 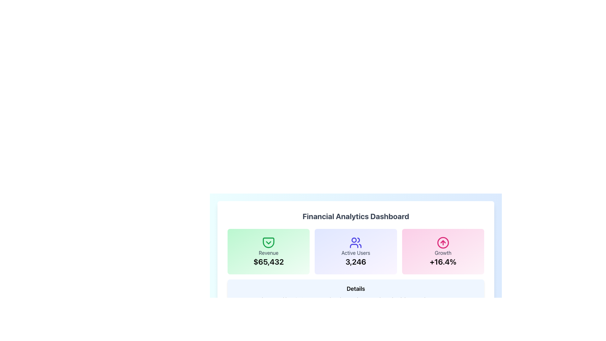 What do you see at coordinates (443, 262) in the screenshot?
I see `the text displaying the growth percentage located at the bottom center of the pink card labeled 'Growth', beneath the upward arrow icon` at bounding box center [443, 262].